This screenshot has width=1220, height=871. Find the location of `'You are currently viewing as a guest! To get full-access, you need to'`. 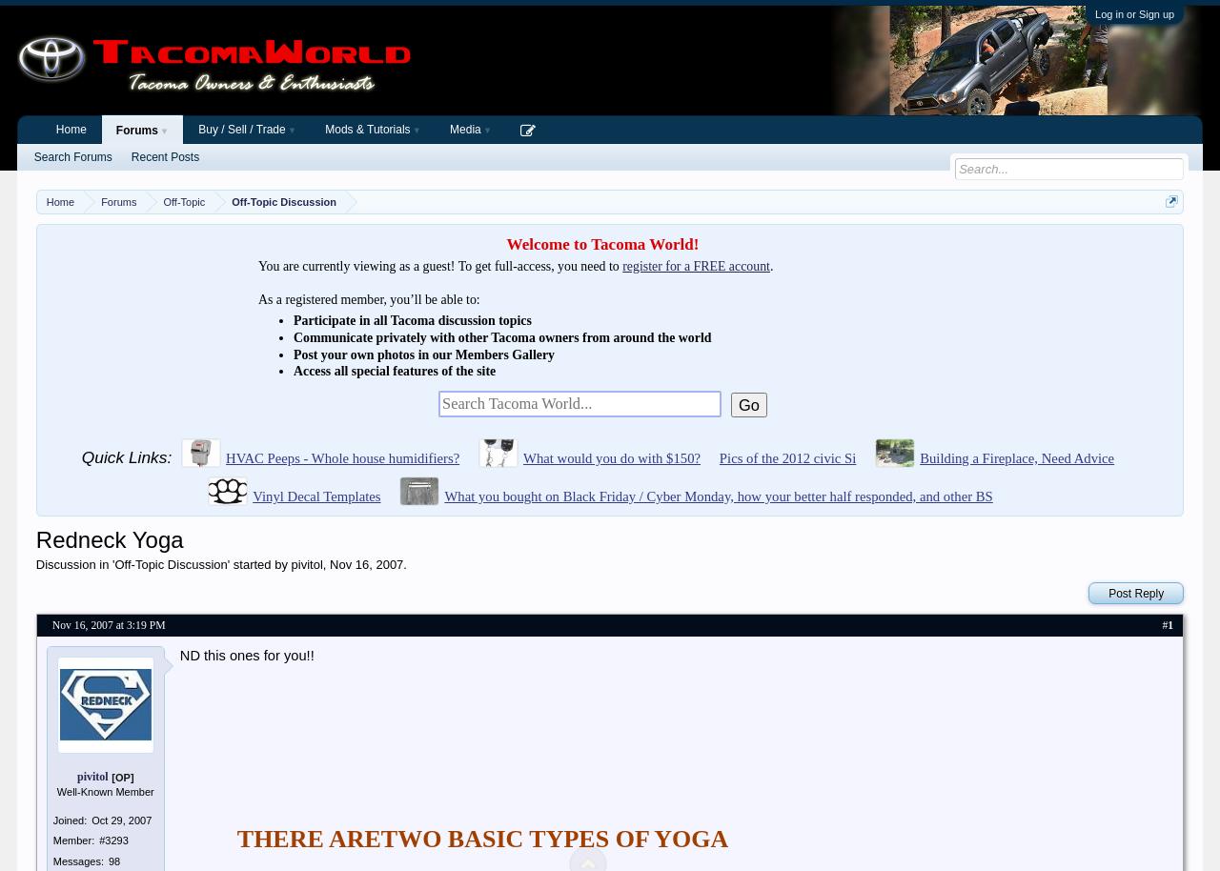

'You are currently viewing as a guest! To get full-access, you need to' is located at coordinates (438, 265).